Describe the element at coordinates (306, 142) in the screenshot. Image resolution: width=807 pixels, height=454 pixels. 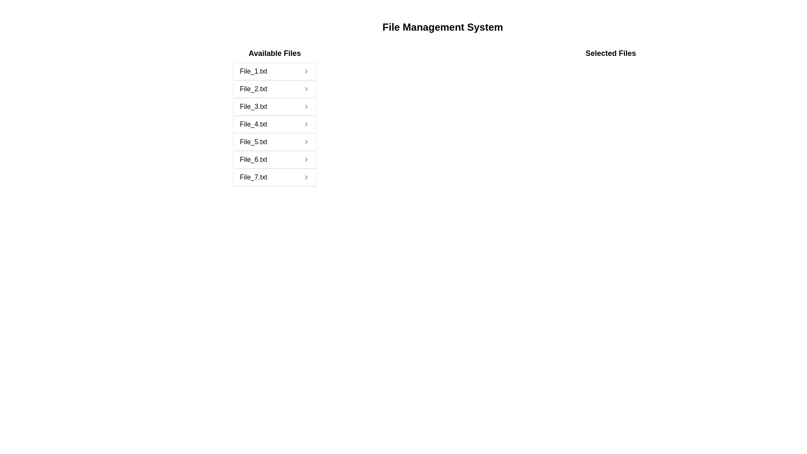
I see `the interactive button located at the far-right end of the 'File_5.txt' entry box` at that location.